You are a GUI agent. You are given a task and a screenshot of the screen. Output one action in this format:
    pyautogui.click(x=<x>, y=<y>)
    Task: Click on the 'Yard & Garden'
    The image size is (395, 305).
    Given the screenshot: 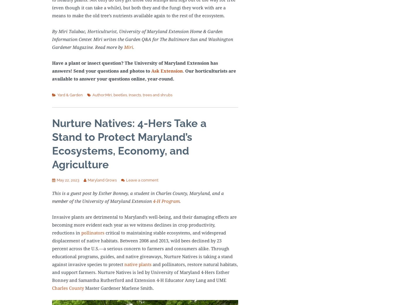 What is the action you would take?
    pyautogui.click(x=70, y=95)
    